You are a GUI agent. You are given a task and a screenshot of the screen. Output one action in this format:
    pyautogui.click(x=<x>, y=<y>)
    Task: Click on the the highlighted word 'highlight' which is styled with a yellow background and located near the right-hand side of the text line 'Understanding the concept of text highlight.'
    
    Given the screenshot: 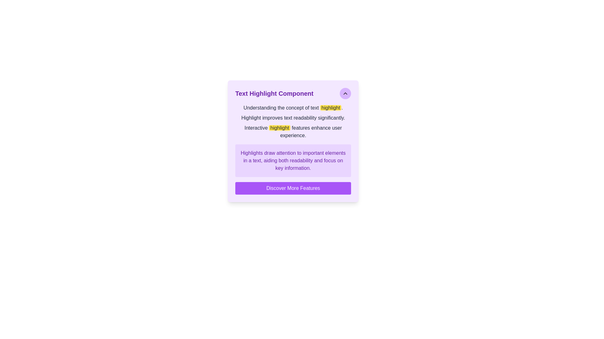 What is the action you would take?
    pyautogui.click(x=330, y=107)
    